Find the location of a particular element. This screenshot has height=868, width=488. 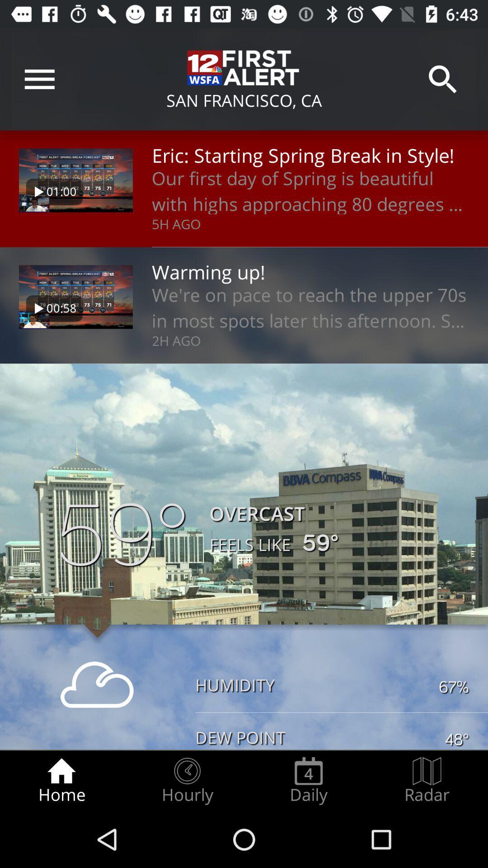

the hourly icon is located at coordinates (187, 780).